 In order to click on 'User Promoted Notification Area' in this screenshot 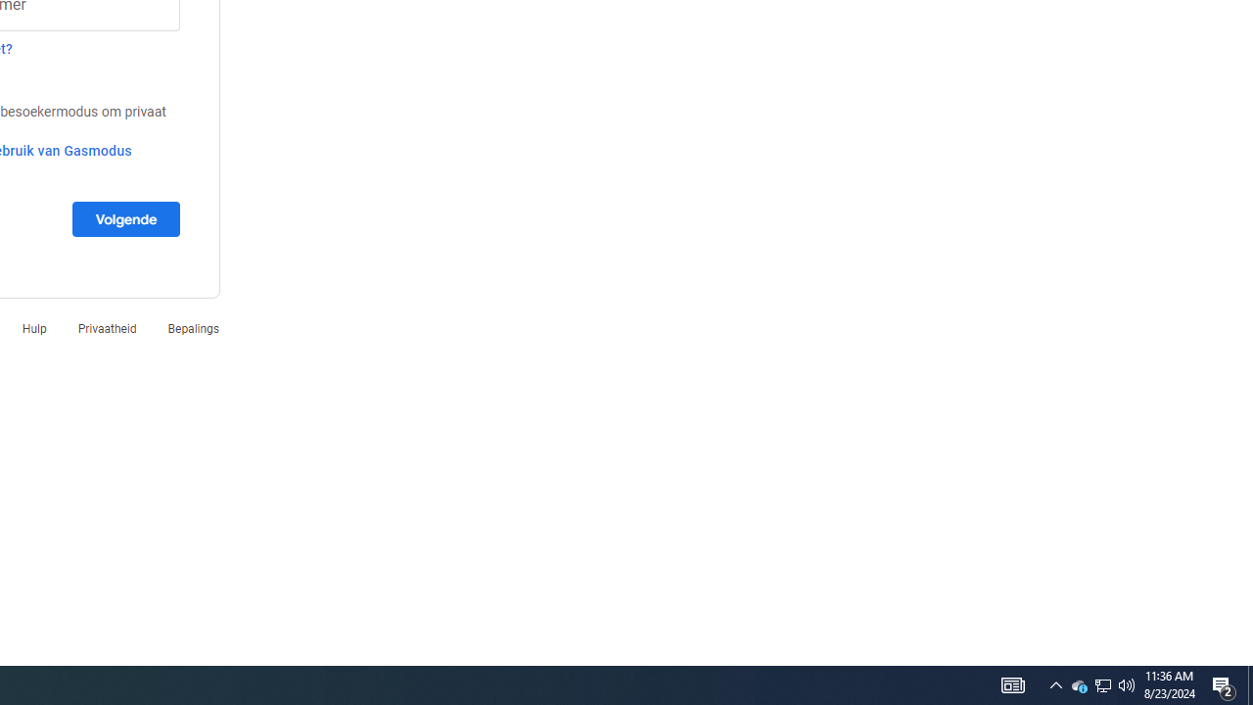, I will do `click(1103, 683)`.